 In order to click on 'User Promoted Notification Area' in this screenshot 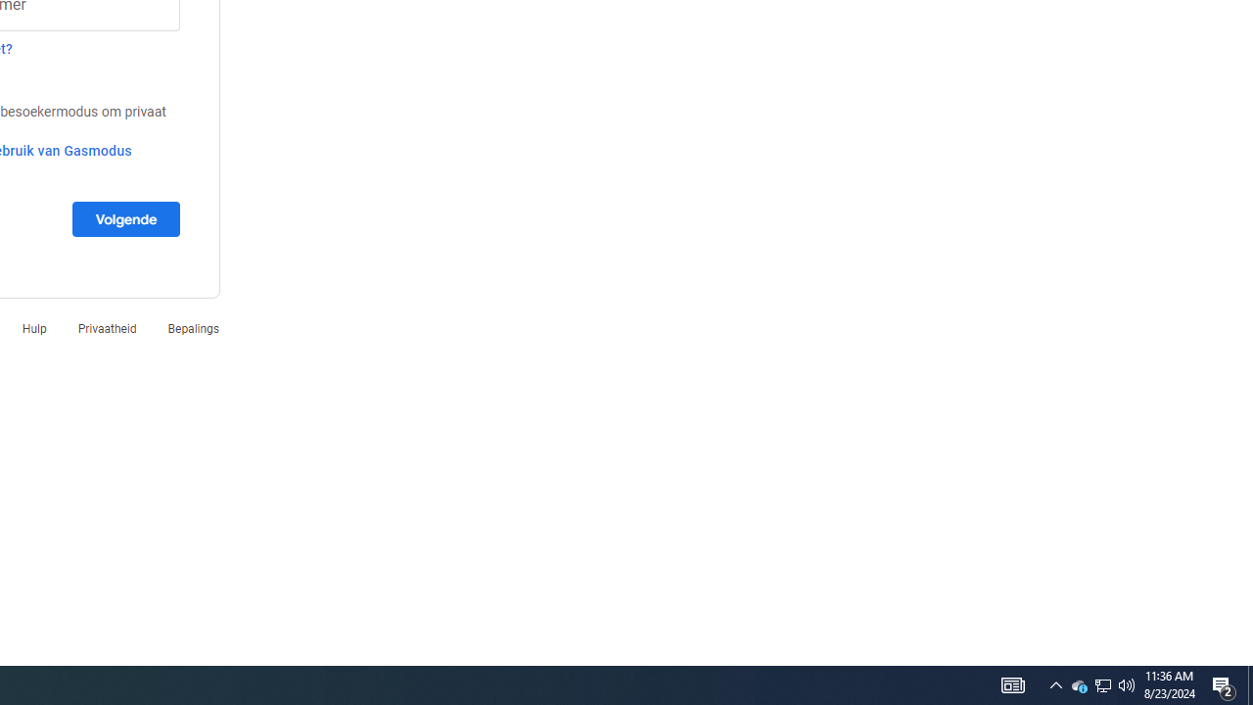, I will do `click(1103, 683)`.